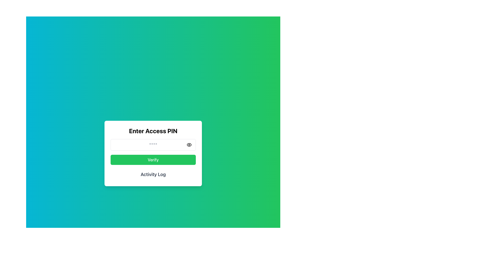  I want to click on the icon button located on the right side of the PIN input field, so click(189, 145).